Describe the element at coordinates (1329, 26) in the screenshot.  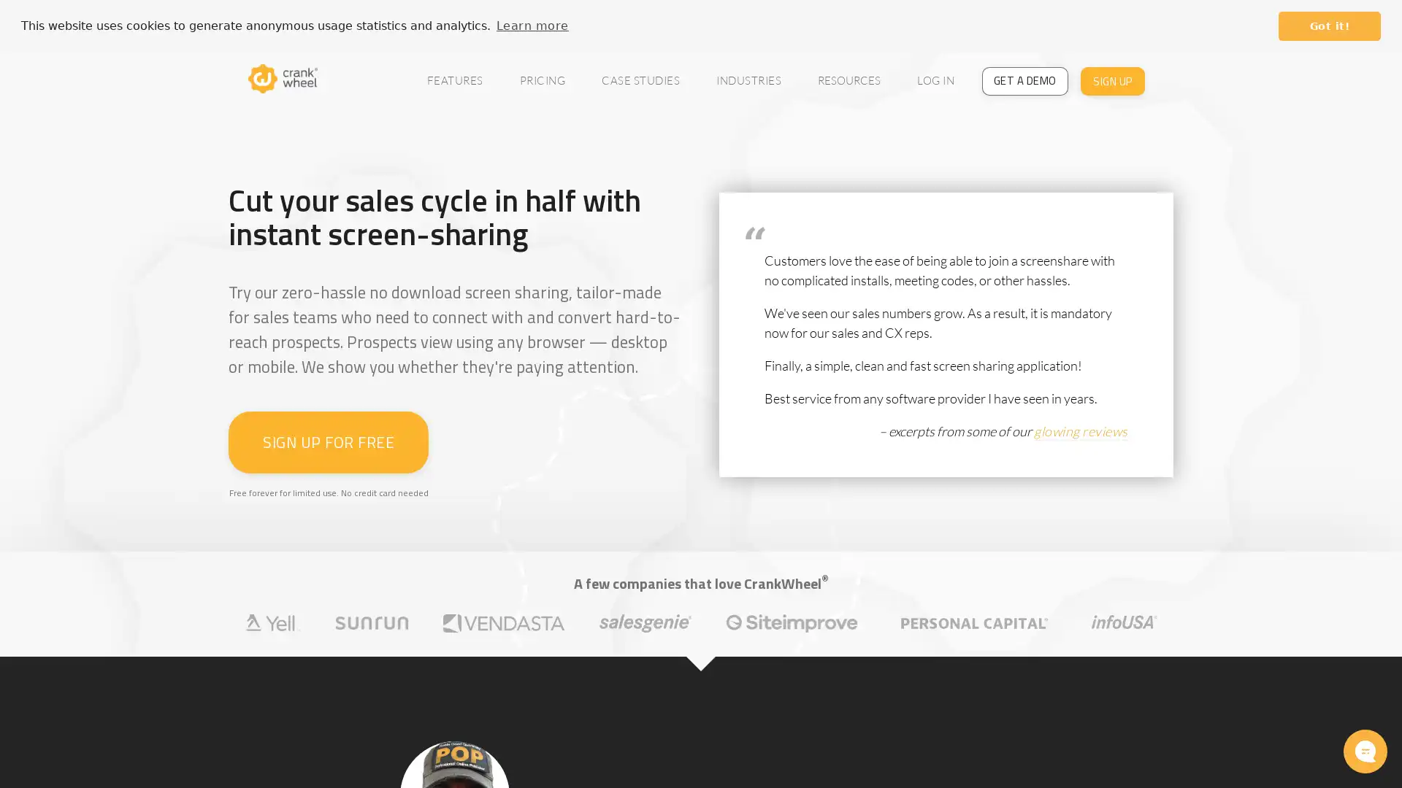
I see `dismiss cookie message` at that location.